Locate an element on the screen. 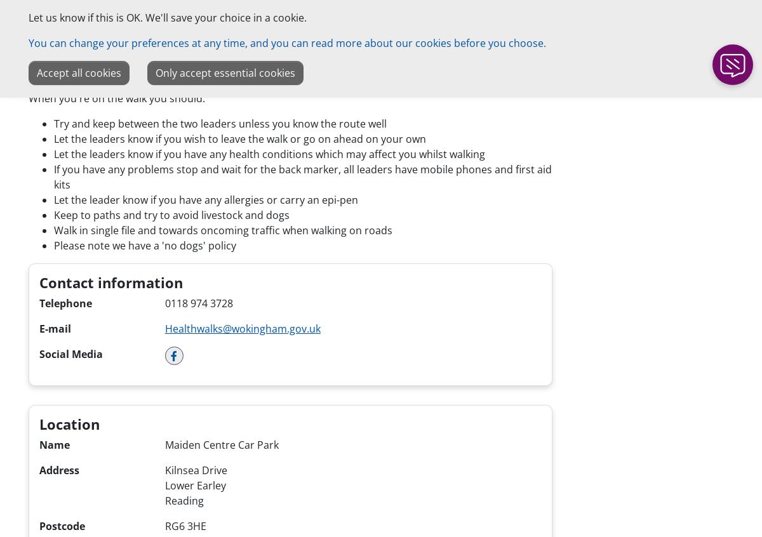  'Reading' is located at coordinates (183, 500).